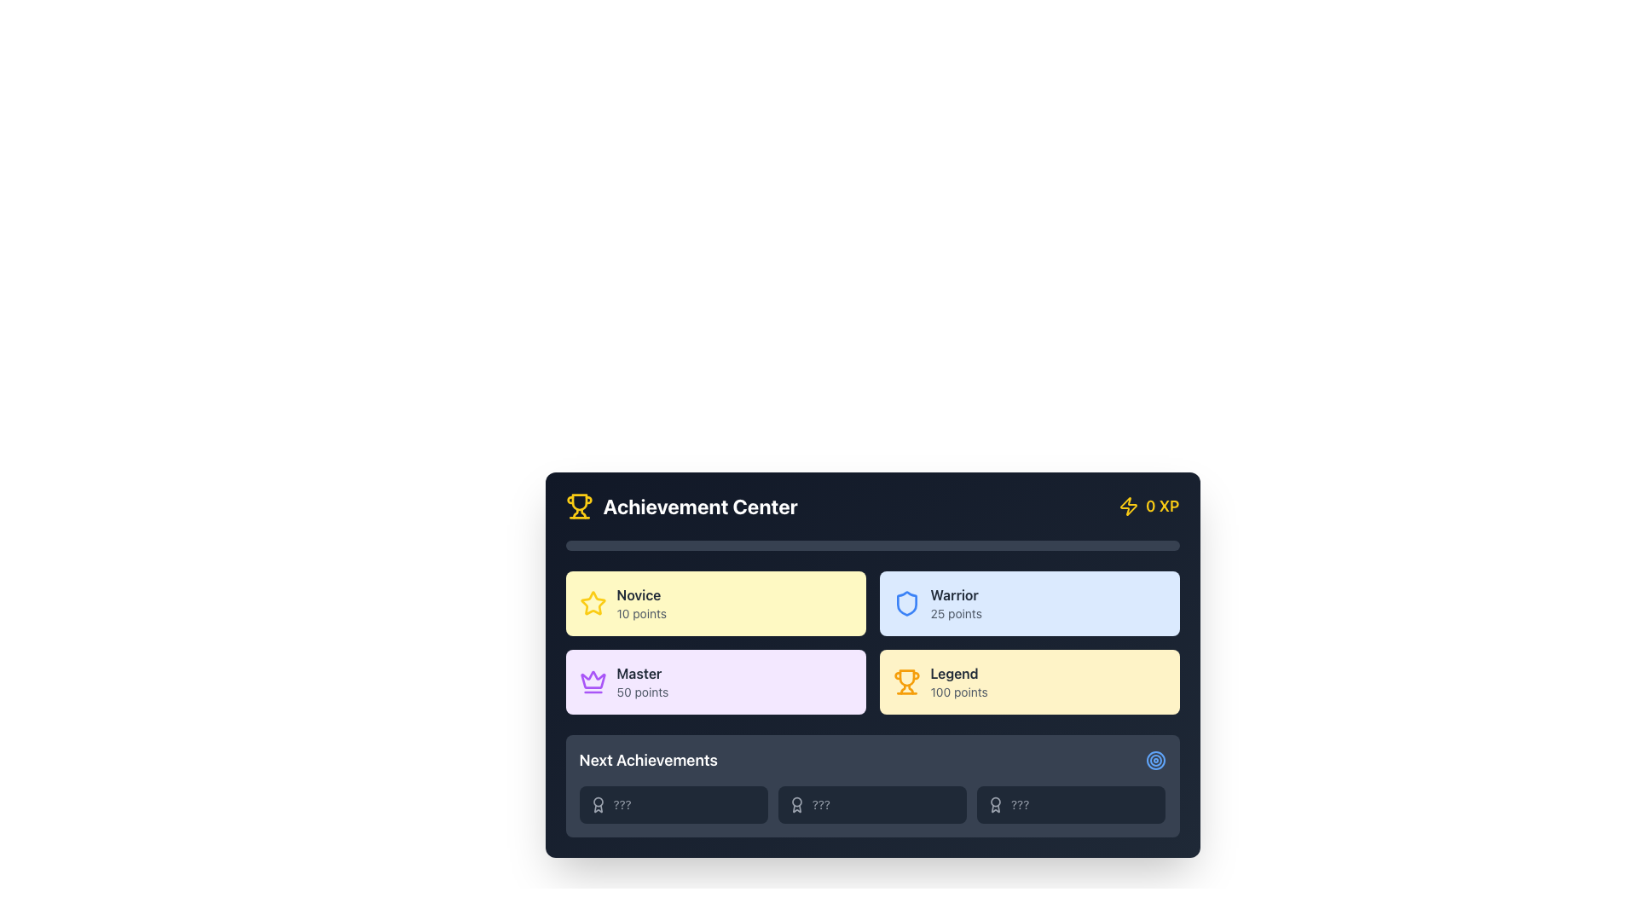 The image size is (1637, 921). What do you see at coordinates (956, 594) in the screenshot?
I see `text displayed on the achievement title label 'Warrior' located in the top-right section of the 'Achievement Center' module` at bounding box center [956, 594].